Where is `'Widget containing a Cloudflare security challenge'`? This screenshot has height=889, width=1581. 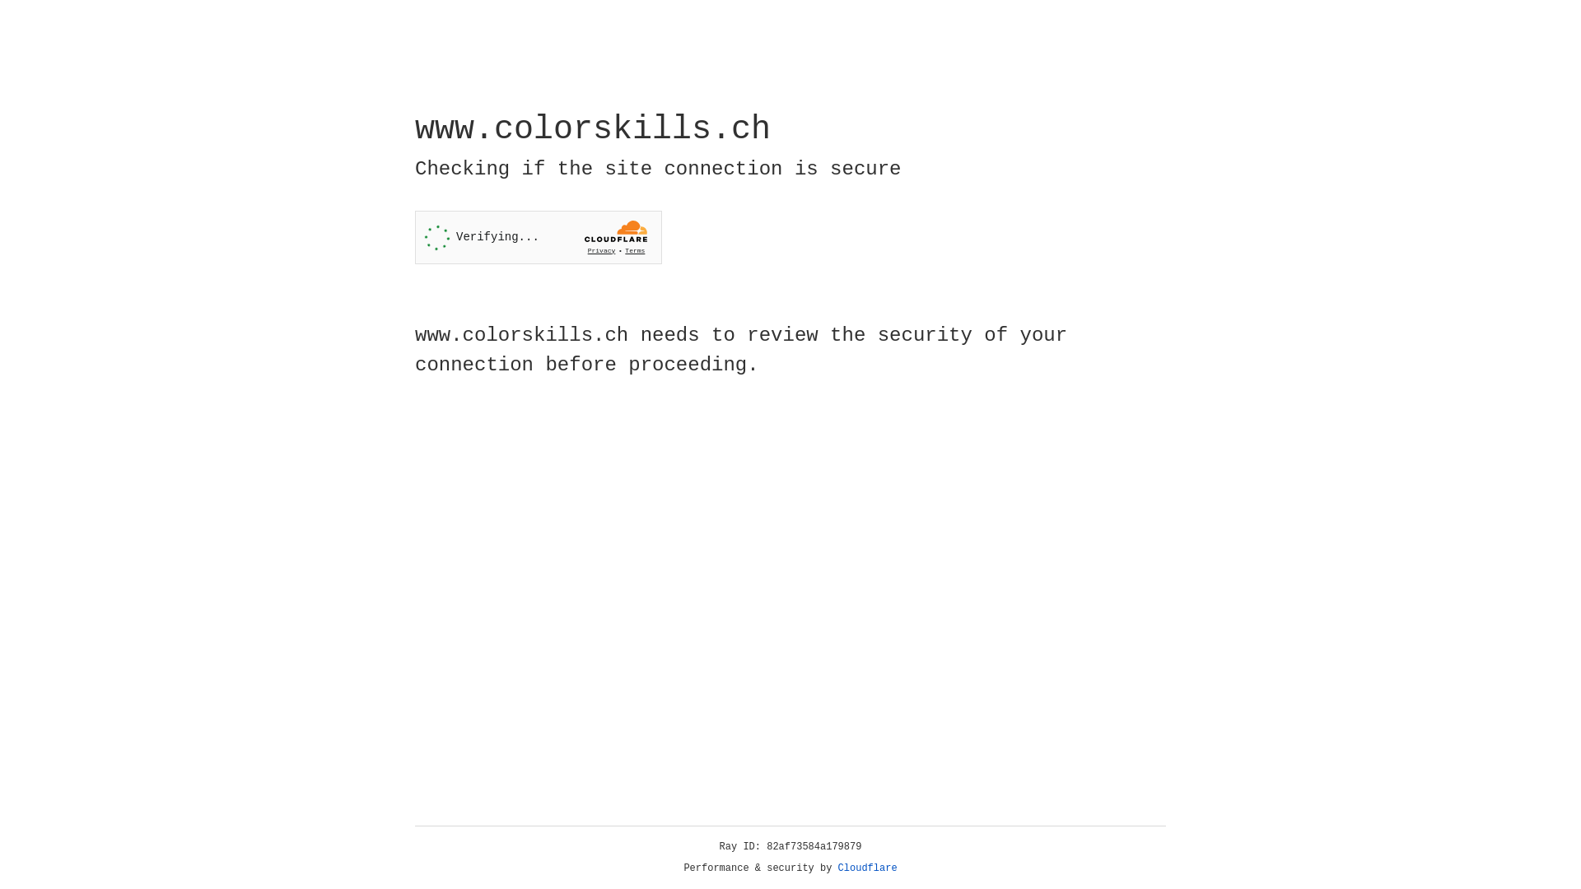
'Widget containing a Cloudflare security challenge' is located at coordinates (538, 237).